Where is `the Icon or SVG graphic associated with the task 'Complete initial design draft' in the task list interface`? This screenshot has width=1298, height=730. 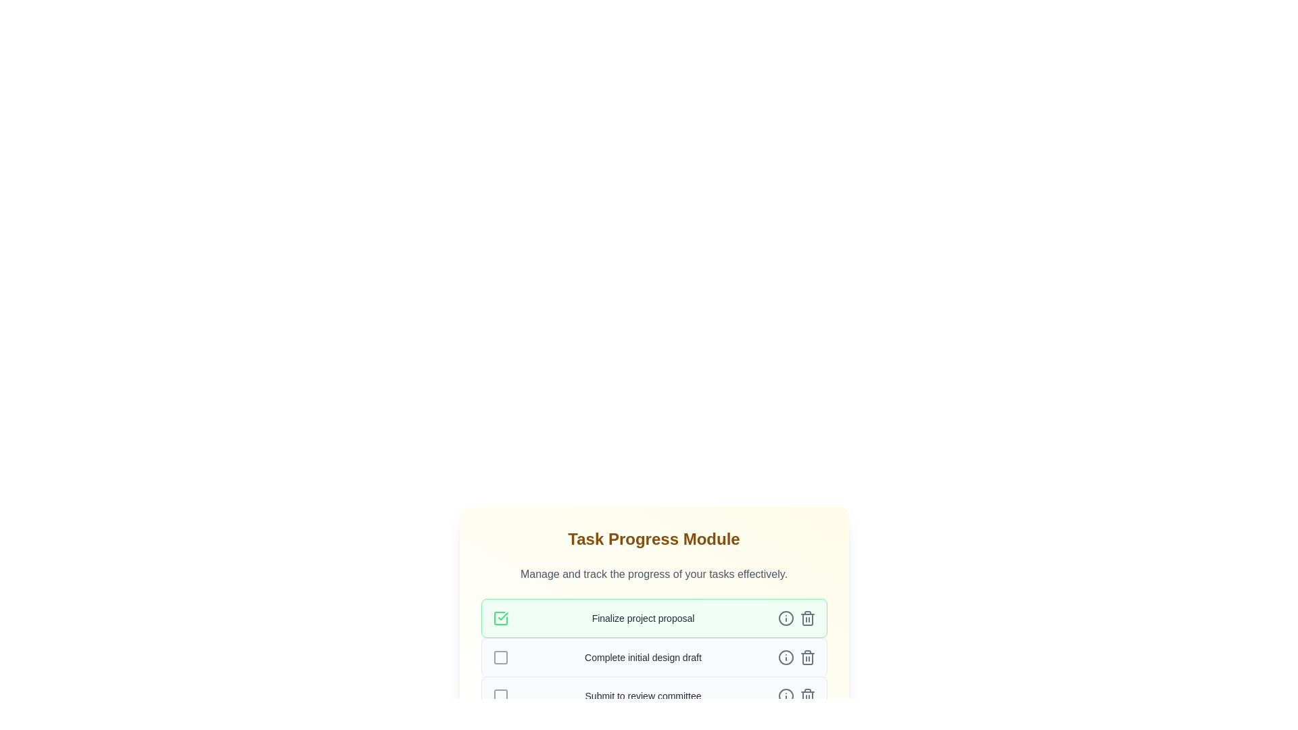
the Icon or SVG graphic associated with the task 'Complete initial design draft' in the task list interface is located at coordinates (786, 656).